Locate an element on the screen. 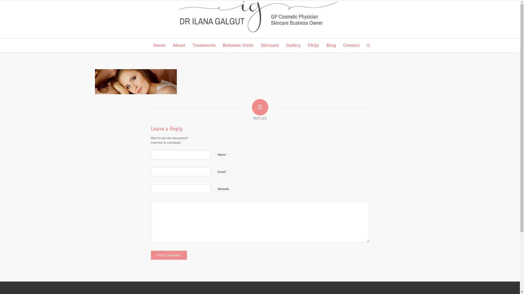 The width and height of the screenshot is (524, 294). 'Gallery' is located at coordinates (293, 45).